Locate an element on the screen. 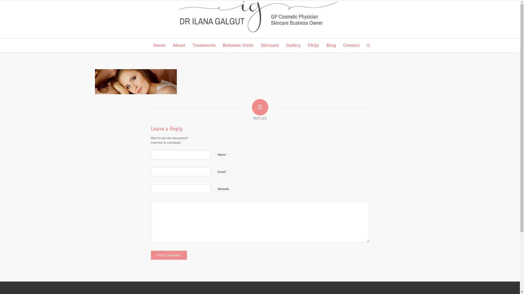 The width and height of the screenshot is (524, 294). 'Gallery' is located at coordinates (293, 45).